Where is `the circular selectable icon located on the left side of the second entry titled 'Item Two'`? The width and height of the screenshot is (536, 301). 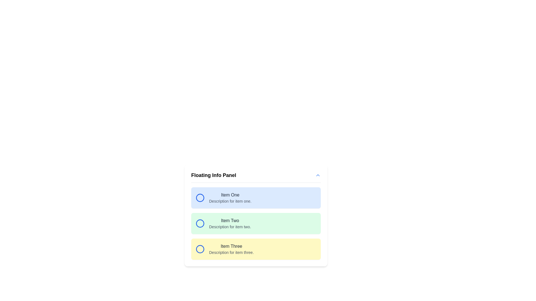
the circular selectable icon located on the left side of the second entry titled 'Item Two' is located at coordinates (200, 223).